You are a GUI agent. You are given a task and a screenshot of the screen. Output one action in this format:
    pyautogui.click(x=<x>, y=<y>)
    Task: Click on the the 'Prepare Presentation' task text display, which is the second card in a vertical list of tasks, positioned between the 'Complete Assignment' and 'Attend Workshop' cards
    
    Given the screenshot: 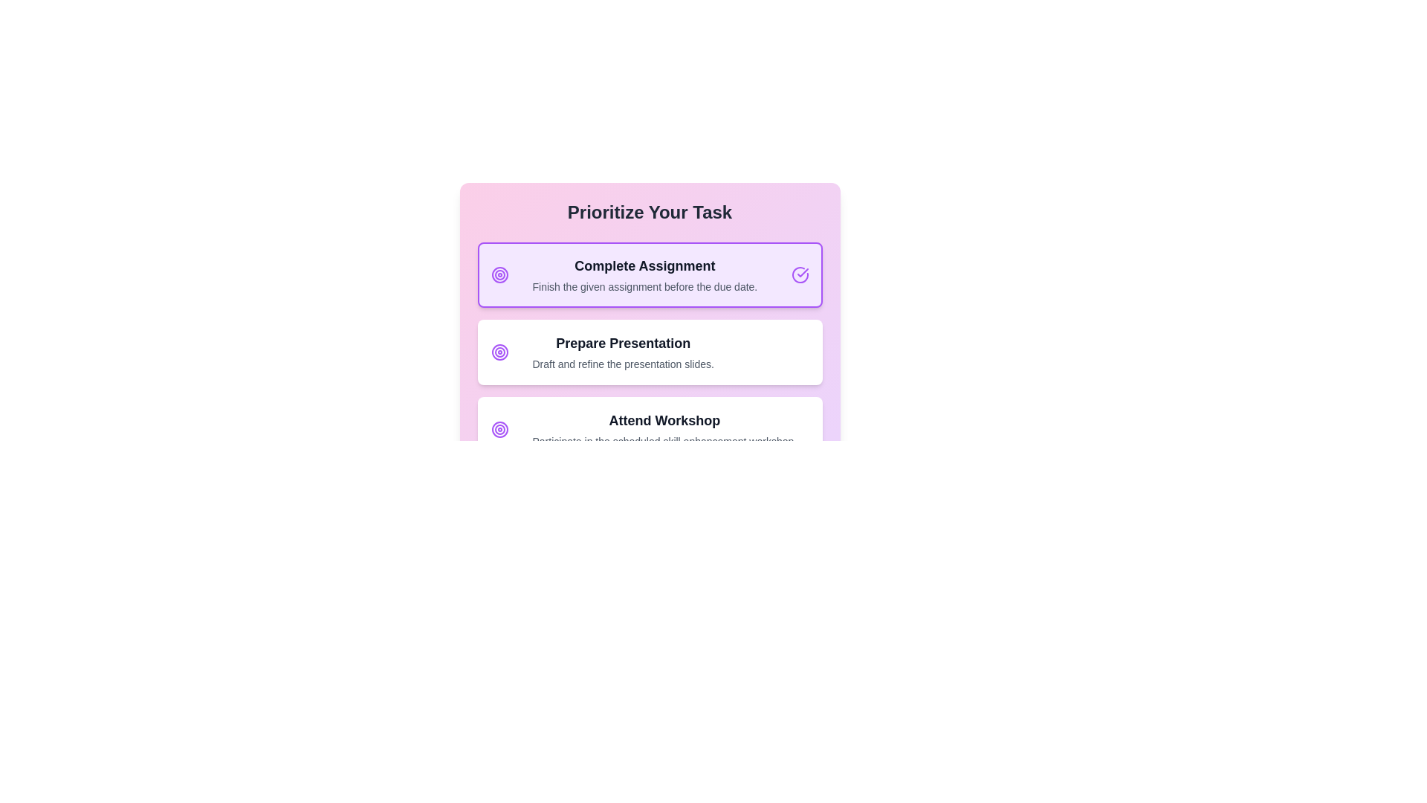 What is the action you would take?
    pyautogui.click(x=623, y=352)
    